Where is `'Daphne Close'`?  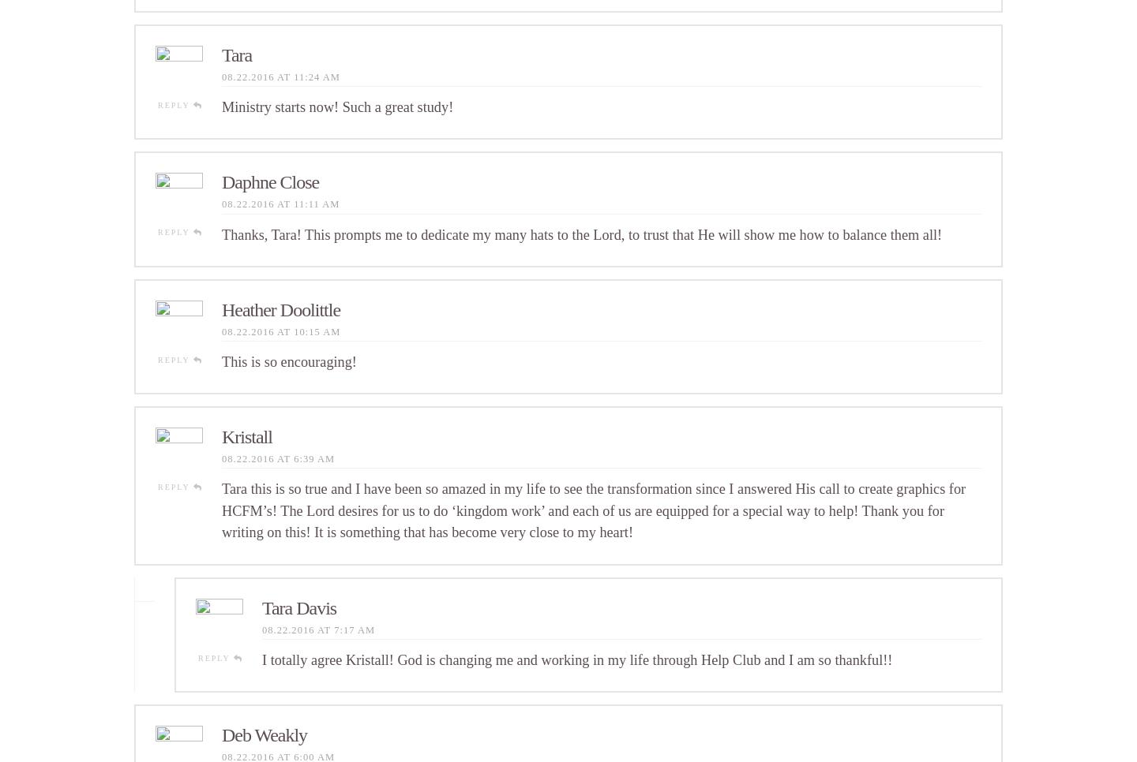 'Daphne Close' is located at coordinates (220, 181).